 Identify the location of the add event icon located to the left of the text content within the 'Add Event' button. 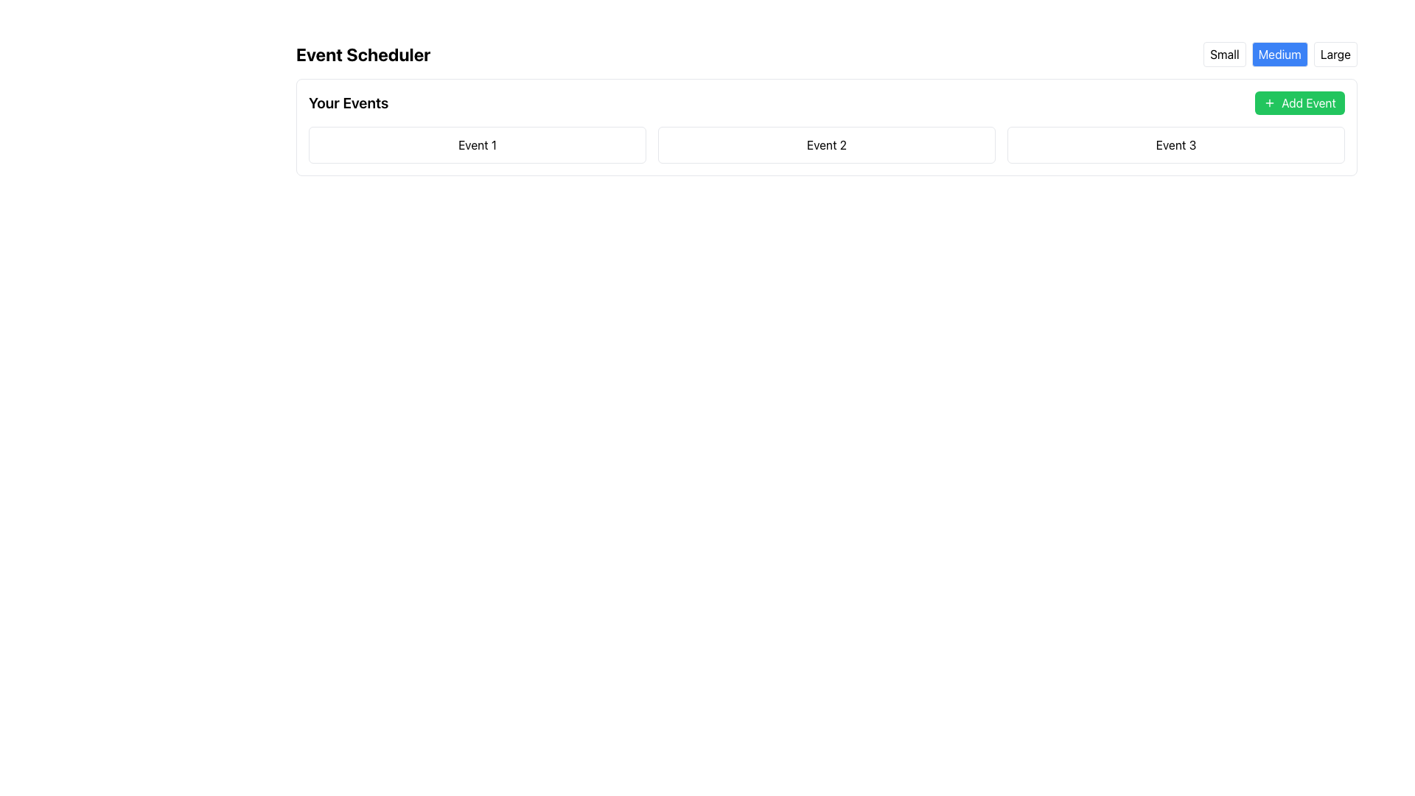
(1269, 102).